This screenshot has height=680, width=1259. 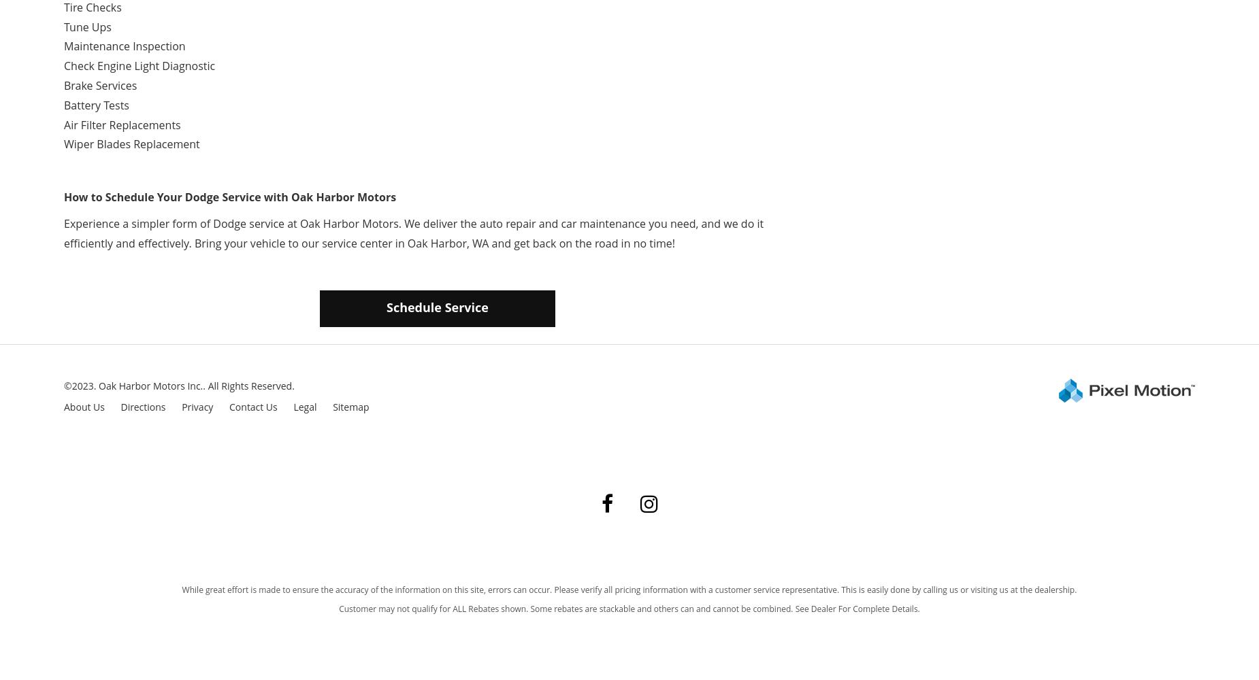 I want to click on 'All Rights Reserved.', so click(x=207, y=385).